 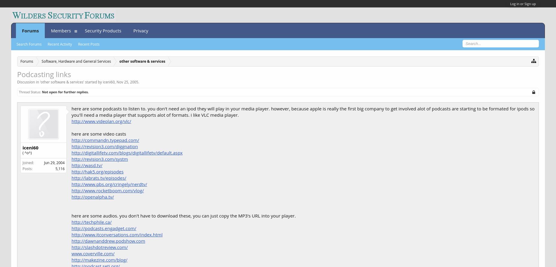 What do you see at coordinates (54, 162) in the screenshot?
I see `'Jun 29, 2004'` at bounding box center [54, 162].